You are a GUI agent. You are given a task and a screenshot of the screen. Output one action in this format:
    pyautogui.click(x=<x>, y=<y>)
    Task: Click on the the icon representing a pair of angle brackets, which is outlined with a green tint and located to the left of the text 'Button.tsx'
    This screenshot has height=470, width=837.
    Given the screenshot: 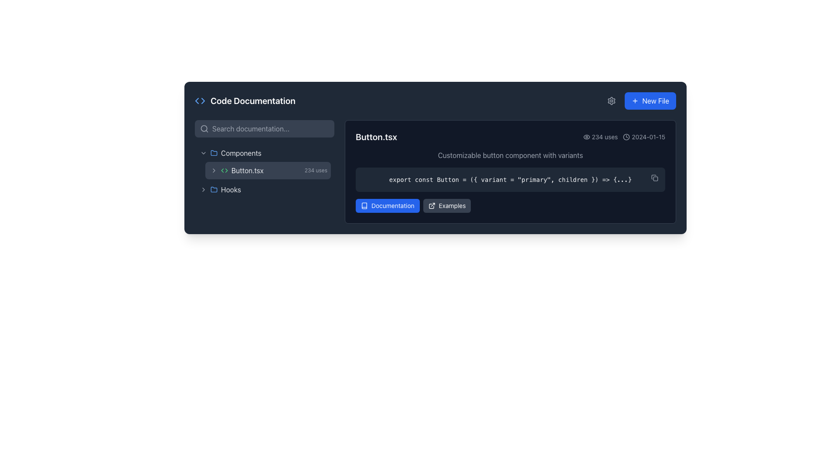 What is the action you would take?
    pyautogui.click(x=224, y=171)
    